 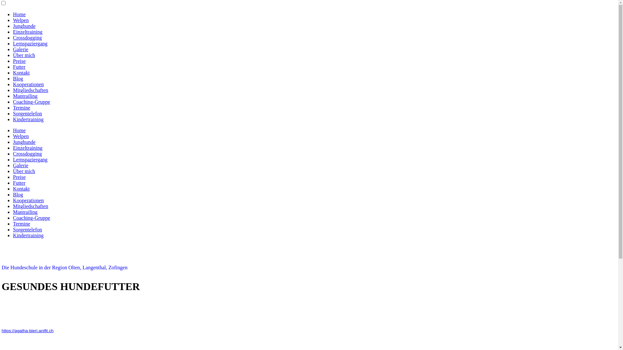 What do you see at coordinates (27, 154) in the screenshot?
I see `'Crossdogging'` at bounding box center [27, 154].